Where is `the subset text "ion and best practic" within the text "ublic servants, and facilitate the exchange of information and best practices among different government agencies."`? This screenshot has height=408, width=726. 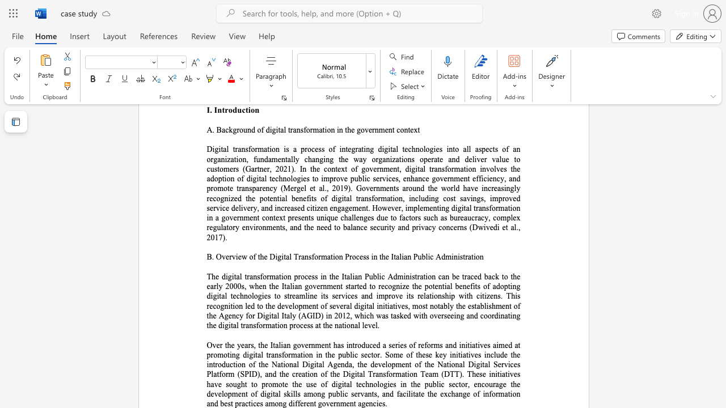 the subset text "ion and best practic" within the text "ublic servants, and facilitate the exchange of information and best practices among different government agencies." is located at coordinates (509, 393).